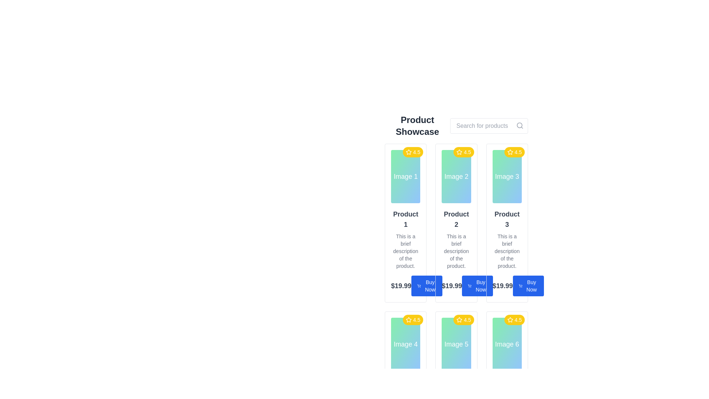 Image resolution: width=709 pixels, height=399 pixels. I want to click on the 'Buy Now' button, which is a bright blue interactive button with the text '$19.99' displayed alongside it, located in the lower section of the second product card, so click(456, 286).